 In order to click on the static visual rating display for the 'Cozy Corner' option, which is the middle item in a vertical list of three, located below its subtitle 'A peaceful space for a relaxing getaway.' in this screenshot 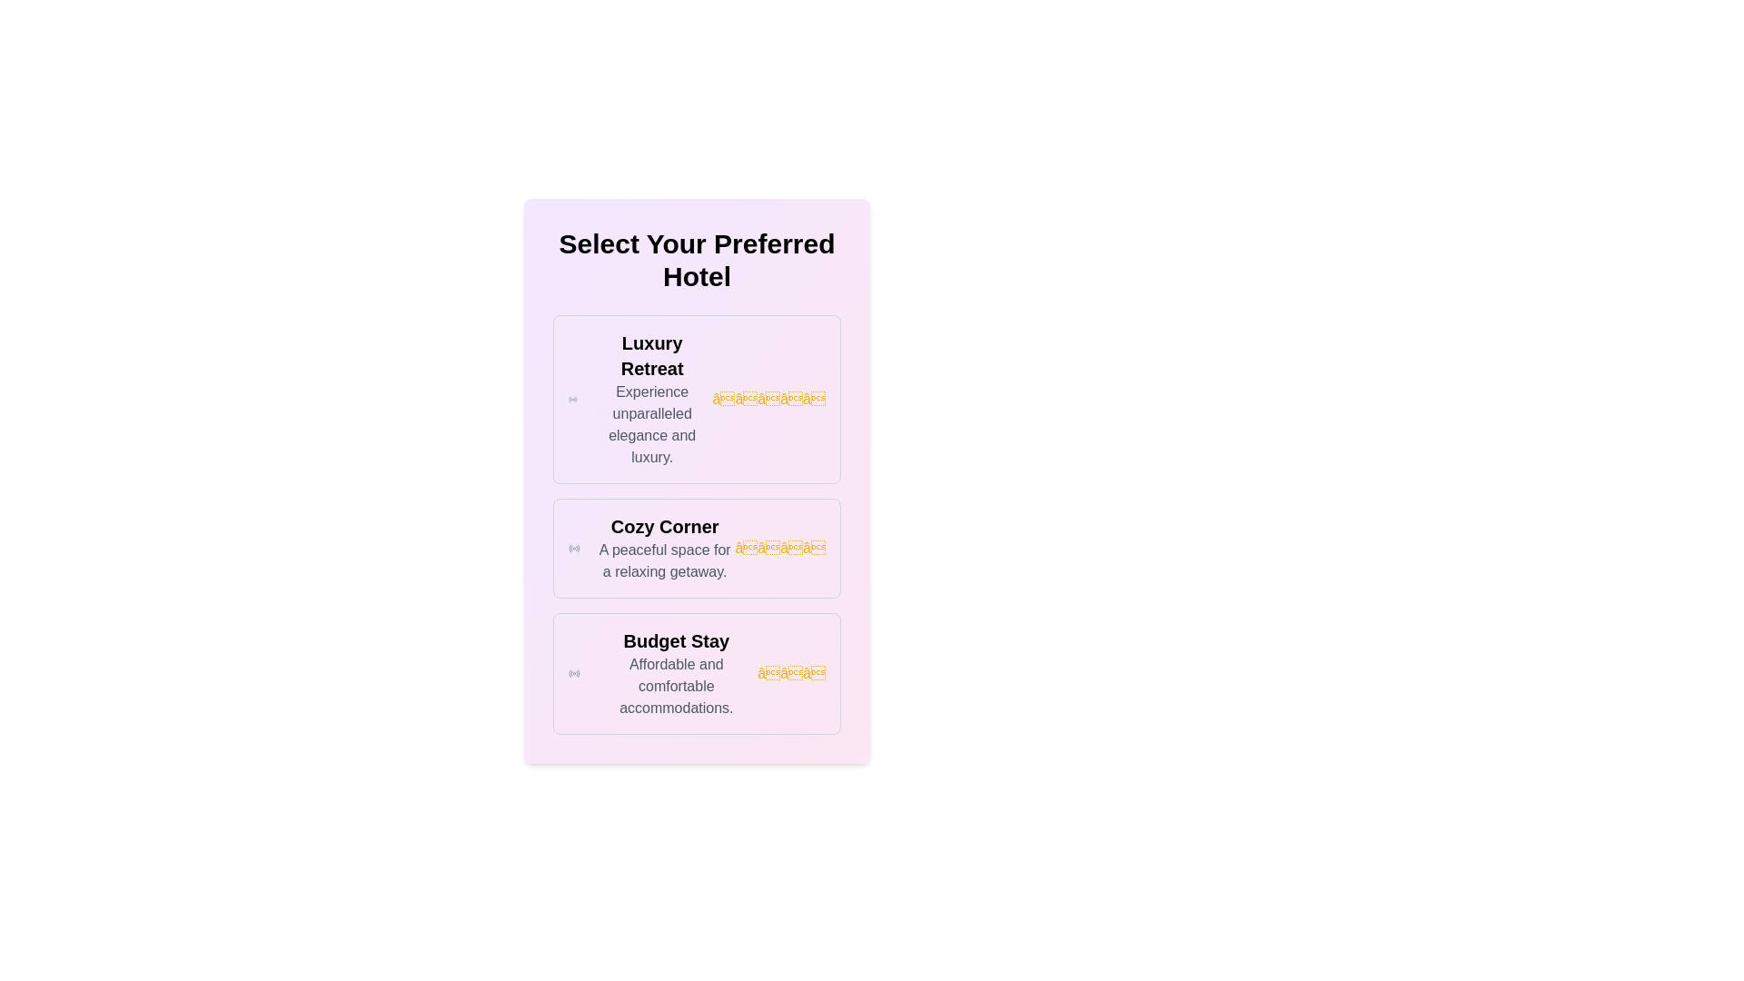, I will do `click(780, 548)`.